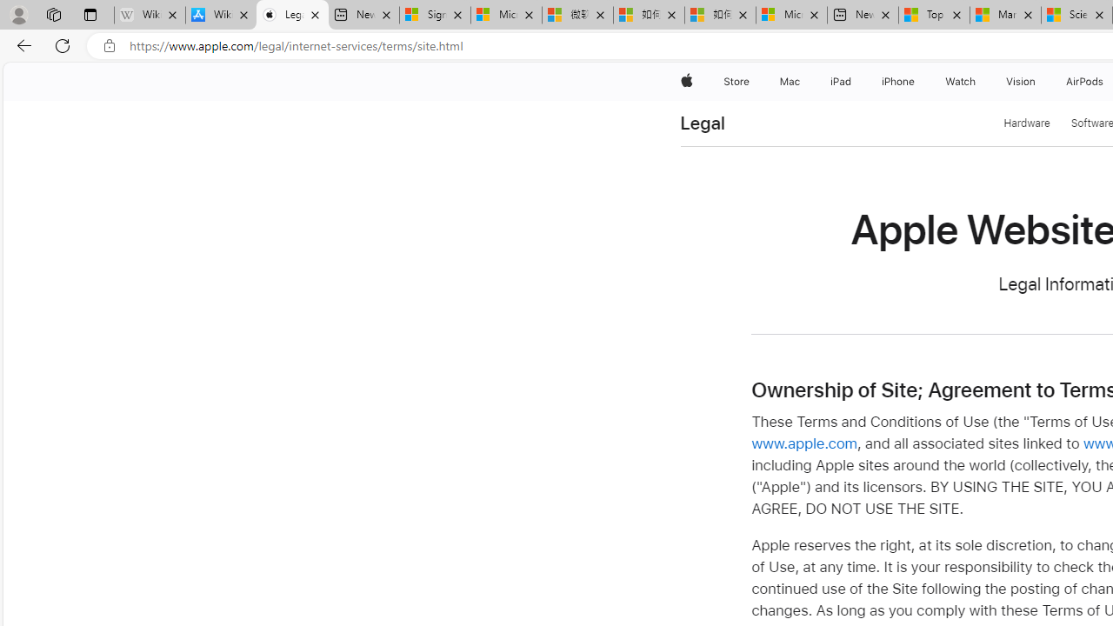  I want to click on 'iPhone', so click(898, 81).